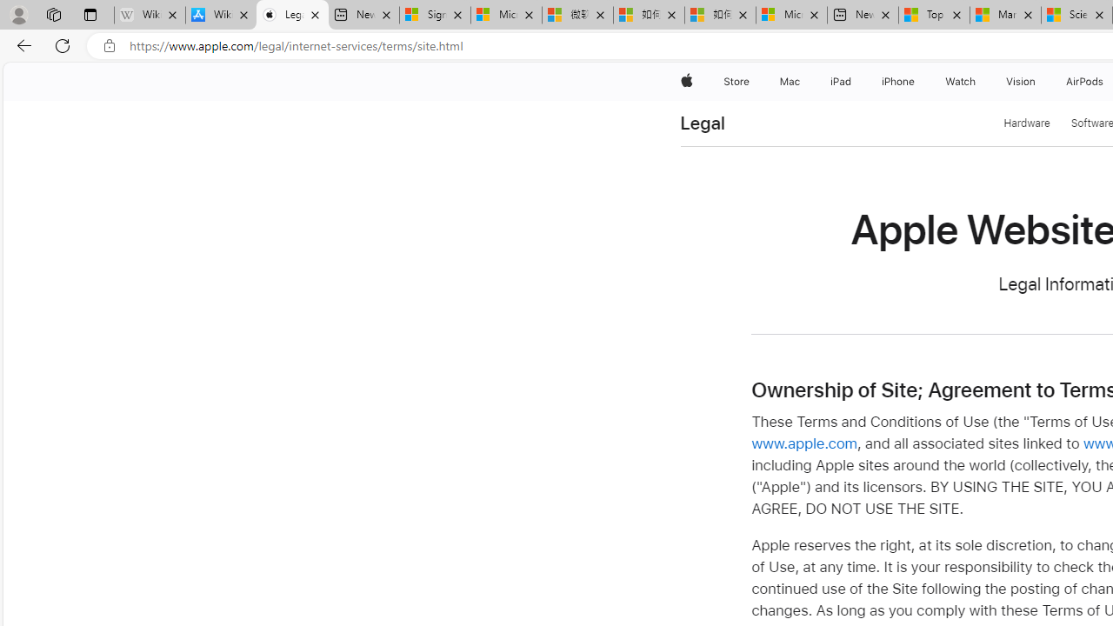  I want to click on 'iPhone', so click(898, 81).